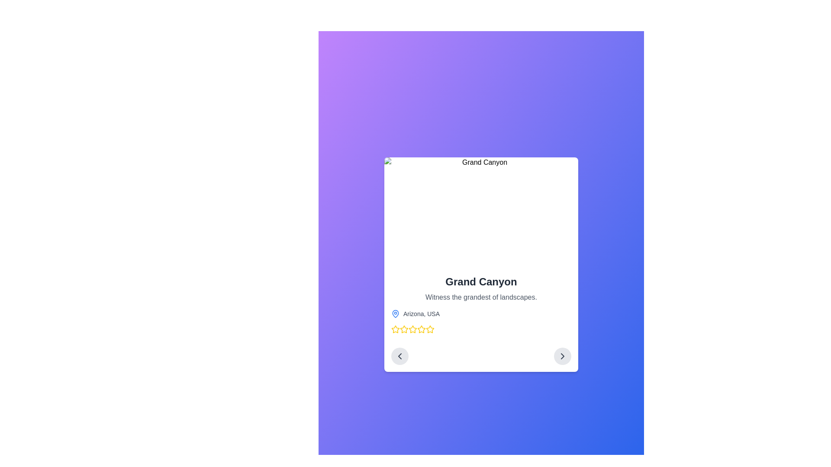 The image size is (831, 467). Describe the element at coordinates (404, 329) in the screenshot. I see `the first star icon from the left in the 5-star rating system` at that location.